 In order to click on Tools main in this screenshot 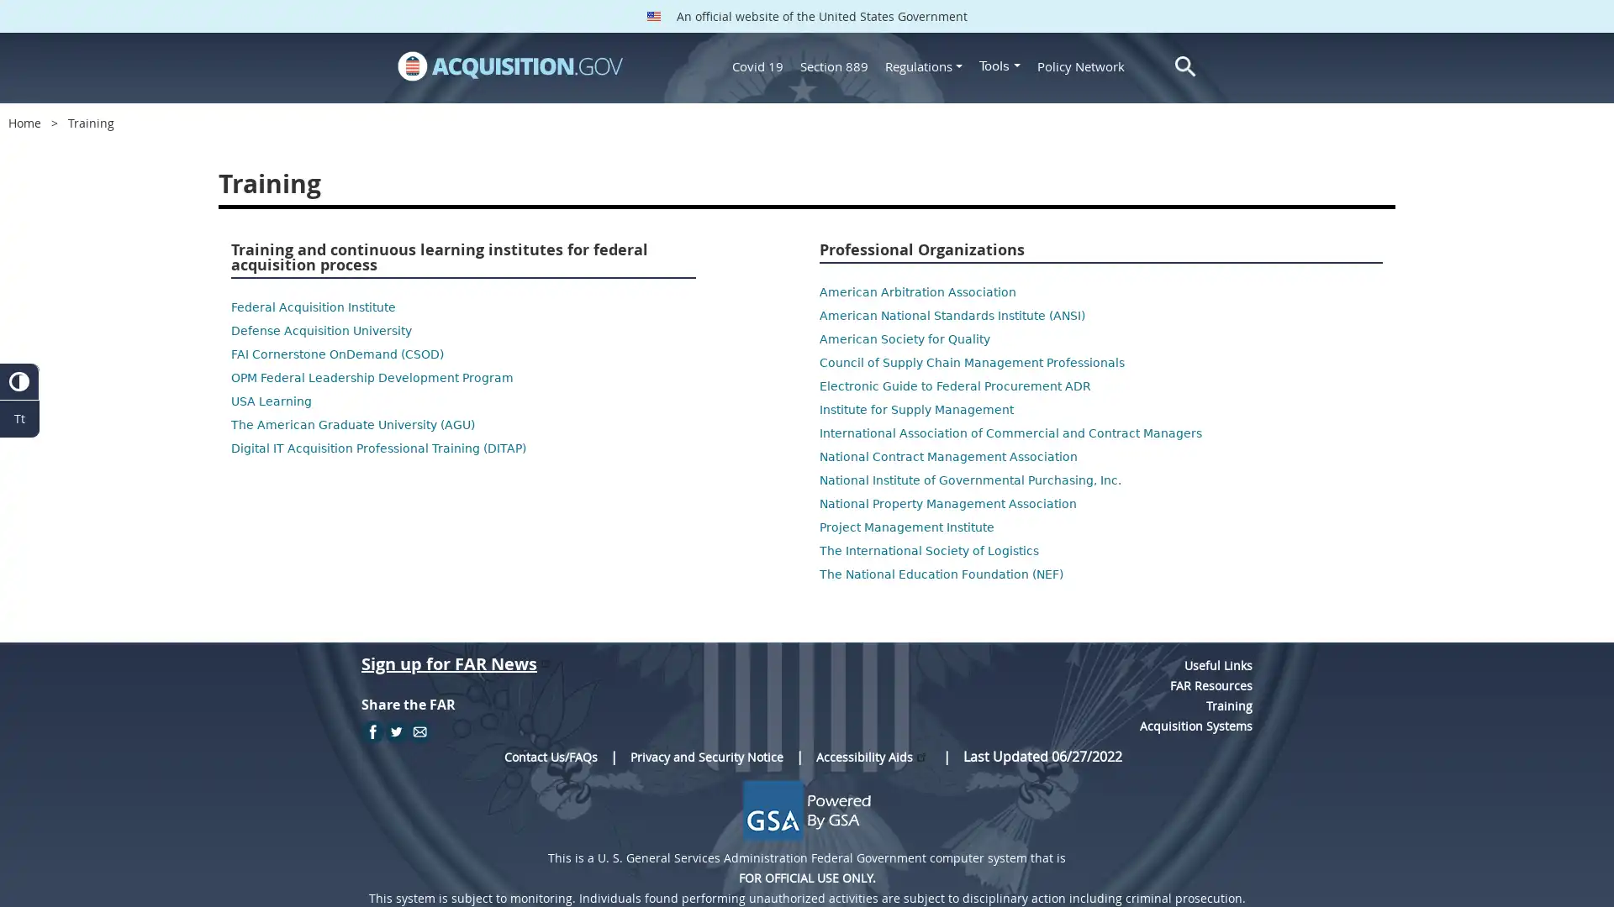, I will do `click(1000, 65)`.